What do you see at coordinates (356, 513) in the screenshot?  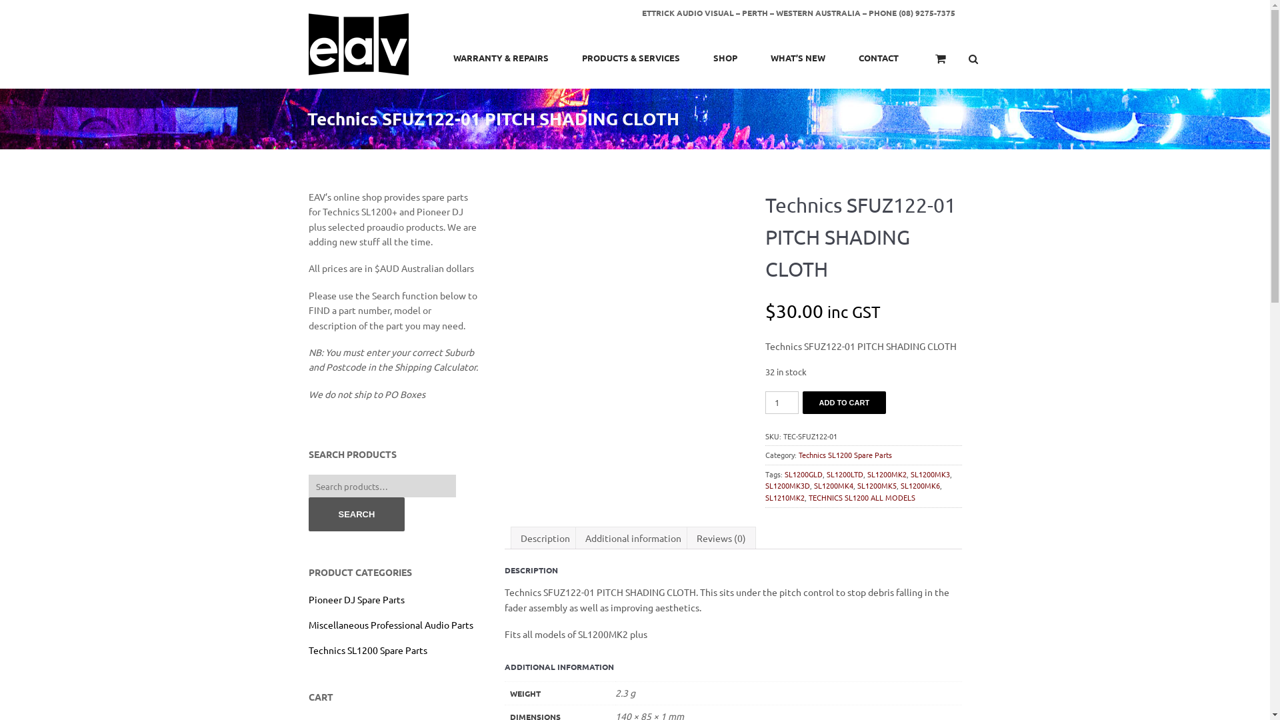 I see `'SEARCH'` at bounding box center [356, 513].